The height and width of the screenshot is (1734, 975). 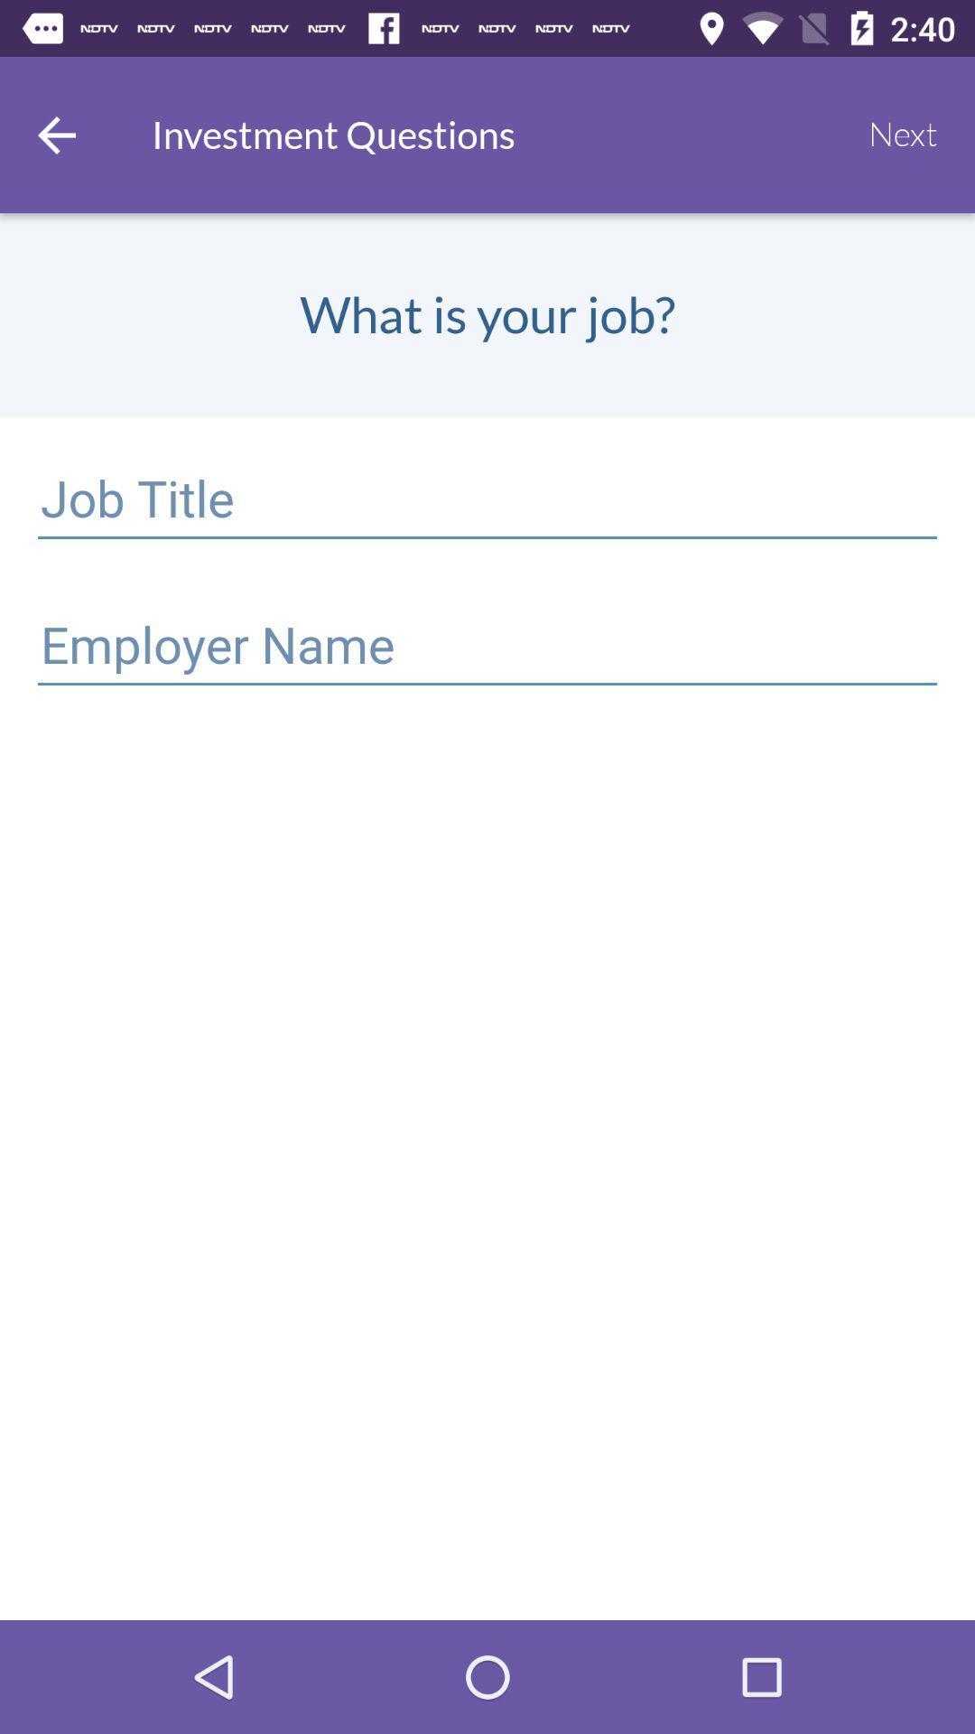 I want to click on the icon next to investment questions icon, so click(x=903, y=134).